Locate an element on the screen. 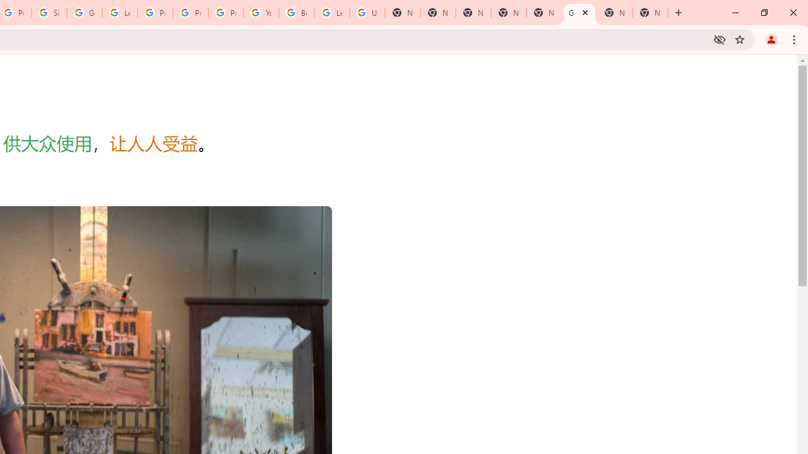 This screenshot has height=454, width=808. 'Privacy Help Center - Policies Help' is located at coordinates (190, 13).